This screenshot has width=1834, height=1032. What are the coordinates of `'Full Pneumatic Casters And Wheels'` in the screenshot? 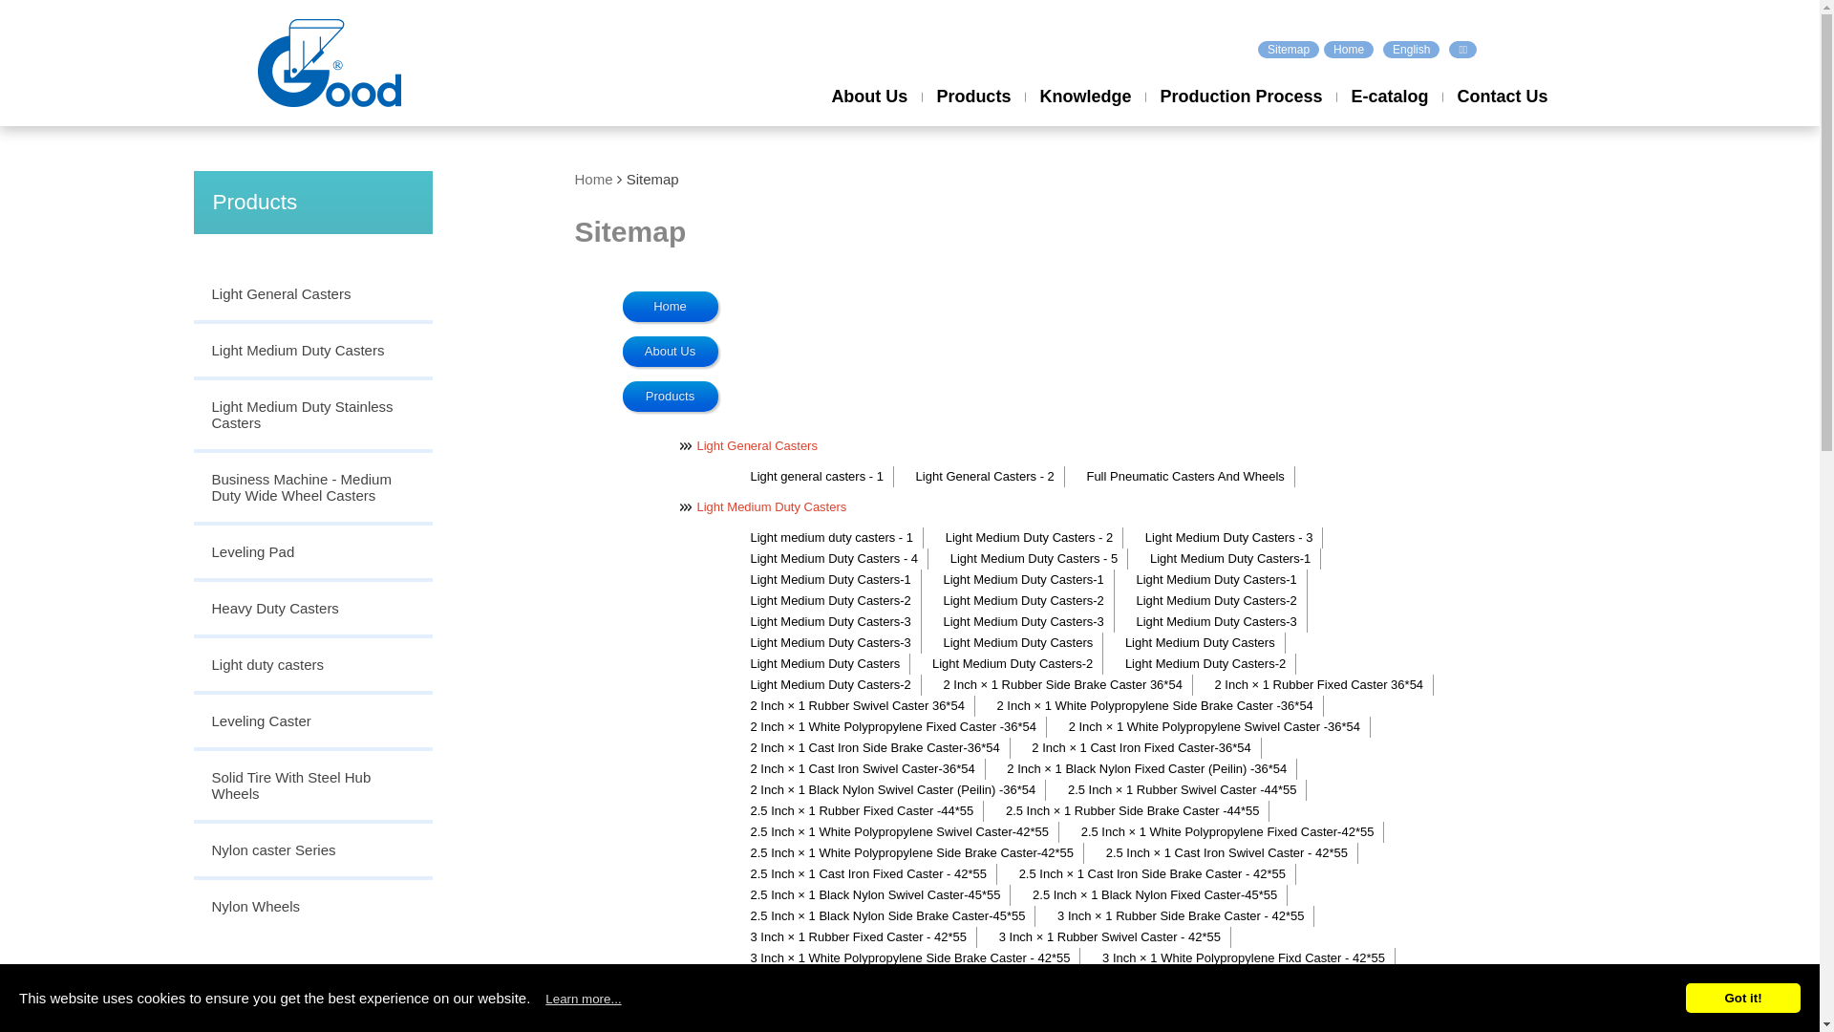 It's located at (1182, 475).